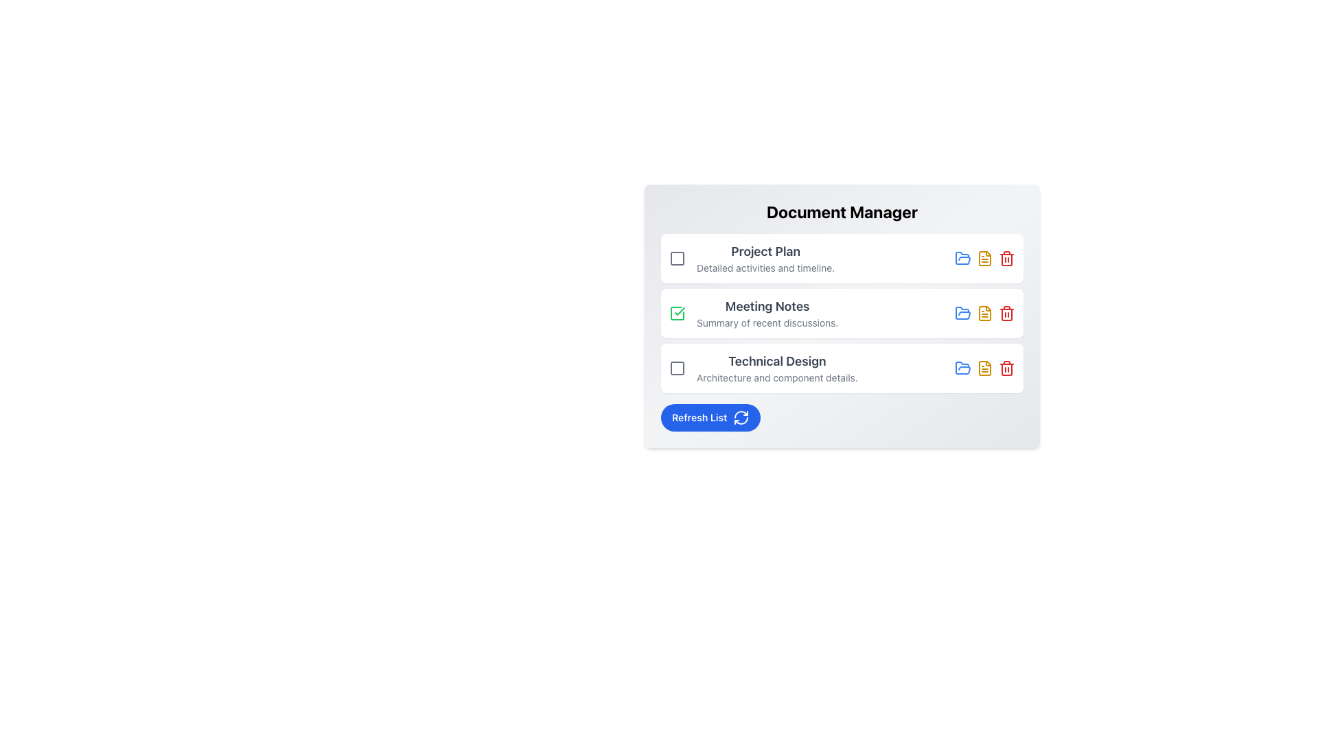 The image size is (1318, 741). What do you see at coordinates (984, 313) in the screenshot?
I see `the yellow document icon, which is the middle icon in a horizontal arrangement of three` at bounding box center [984, 313].